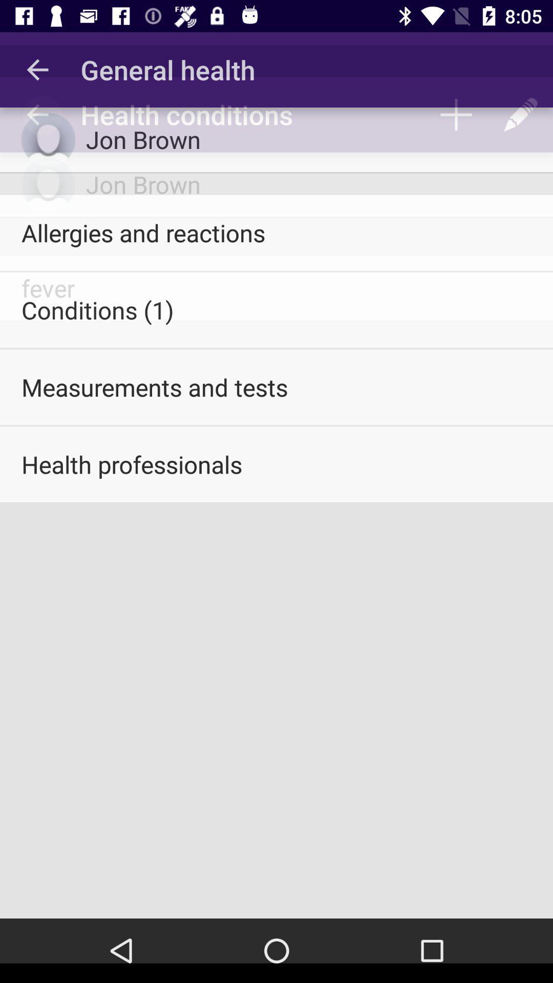 This screenshot has width=553, height=983. Describe the element at coordinates (276, 232) in the screenshot. I see `allergies and reactions  item` at that location.